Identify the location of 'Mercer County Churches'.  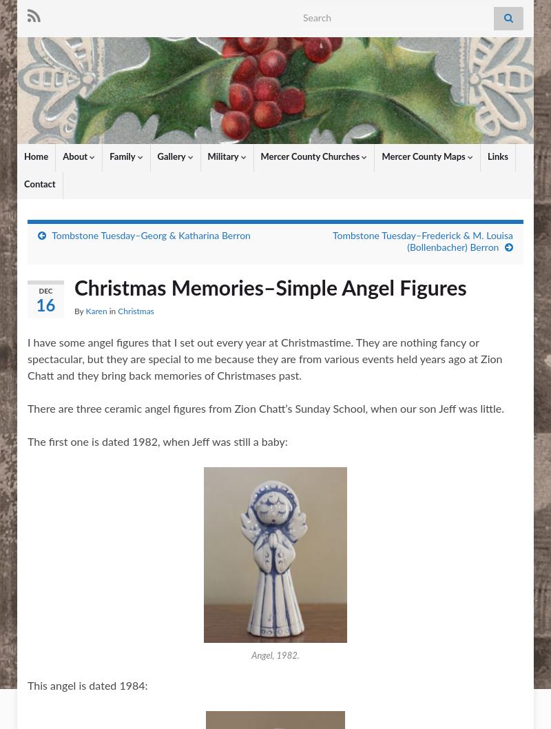
(310, 156).